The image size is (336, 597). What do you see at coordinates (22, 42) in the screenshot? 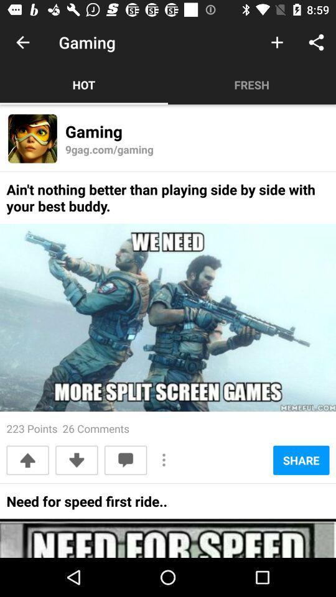
I see `item next to gaming icon` at bounding box center [22, 42].